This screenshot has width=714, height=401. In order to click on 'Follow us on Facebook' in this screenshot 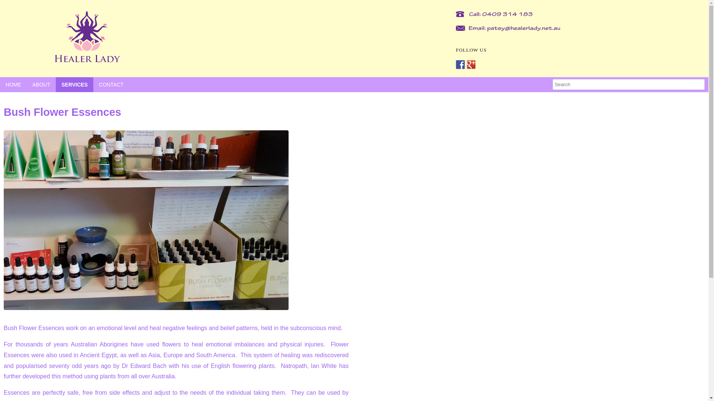, I will do `click(460, 64)`.